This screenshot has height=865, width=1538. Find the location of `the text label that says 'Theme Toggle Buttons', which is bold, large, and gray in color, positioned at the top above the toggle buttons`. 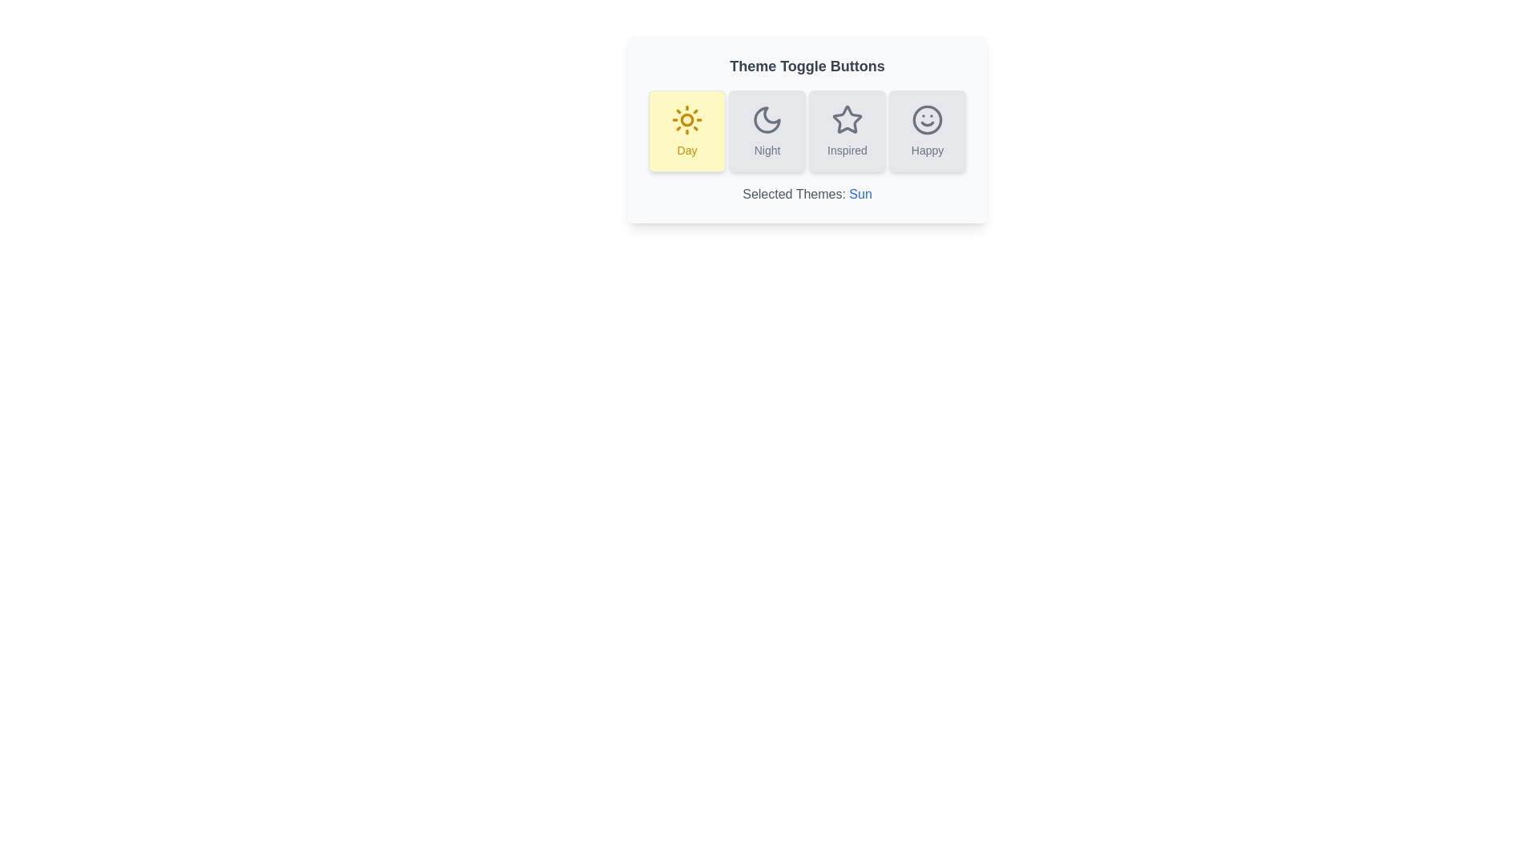

the text label that says 'Theme Toggle Buttons', which is bold, large, and gray in color, positioned at the top above the toggle buttons is located at coordinates (807, 66).